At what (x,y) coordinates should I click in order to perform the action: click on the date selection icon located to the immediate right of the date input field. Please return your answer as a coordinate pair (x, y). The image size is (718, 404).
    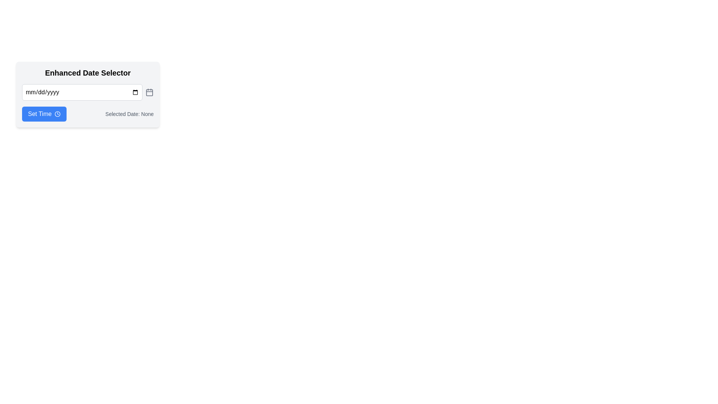
    Looking at the image, I should click on (150, 92).